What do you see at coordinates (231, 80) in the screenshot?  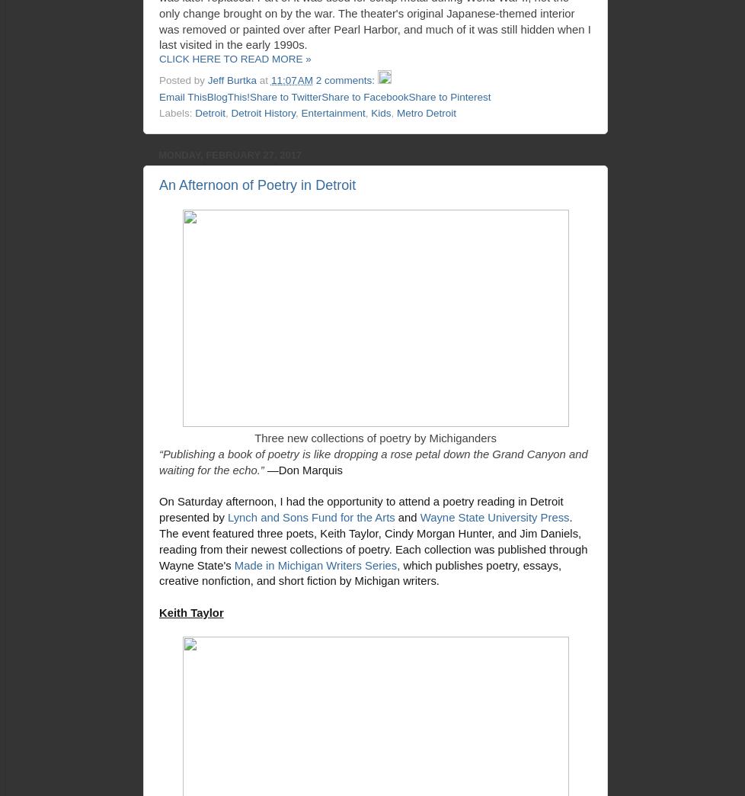 I see `'Jeff Burtka'` at bounding box center [231, 80].